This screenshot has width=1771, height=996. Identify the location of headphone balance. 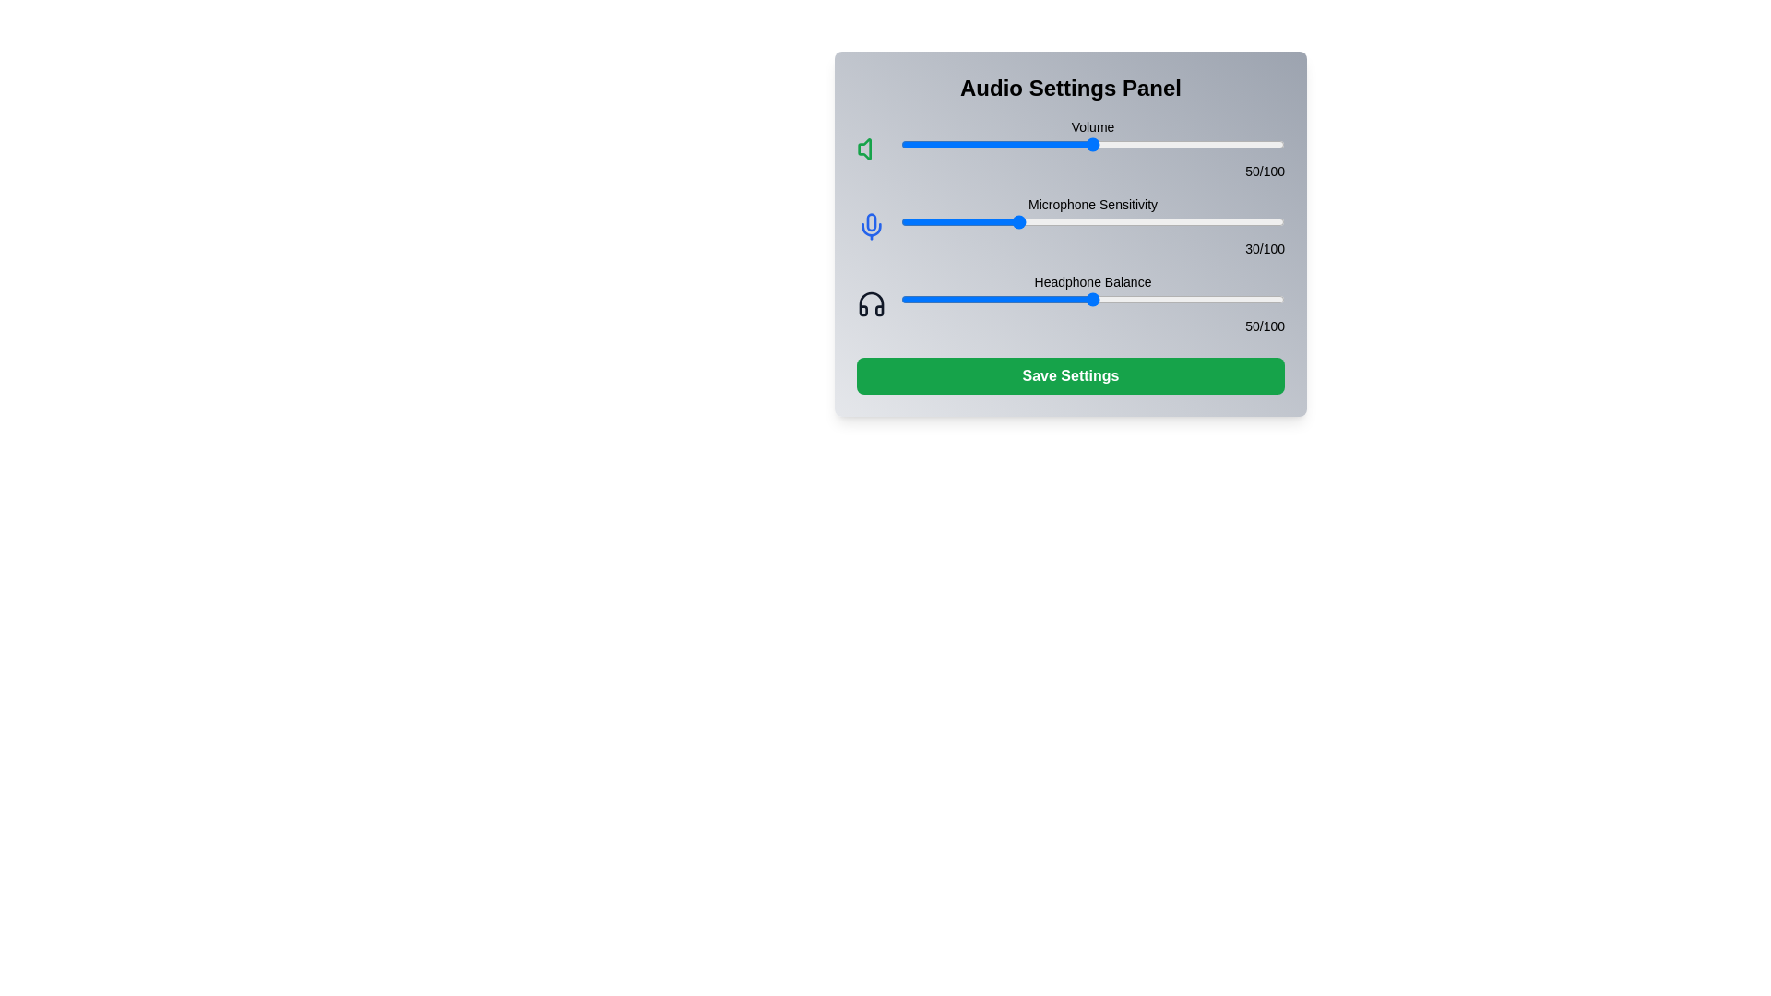
(924, 298).